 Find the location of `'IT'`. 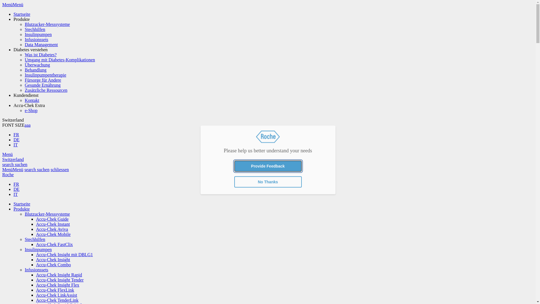

'IT' is located at coordinates (15, 194).